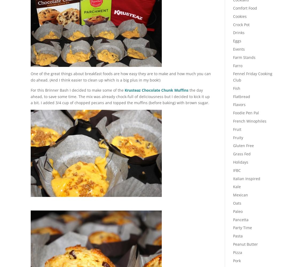 The width and height of the screenshot is (307, 267). What do you see at coordinates (30, 90) in the screenshot?
I see `'For this Brinner Bash I decided to make some of the'` at bounding box center [30, 90].